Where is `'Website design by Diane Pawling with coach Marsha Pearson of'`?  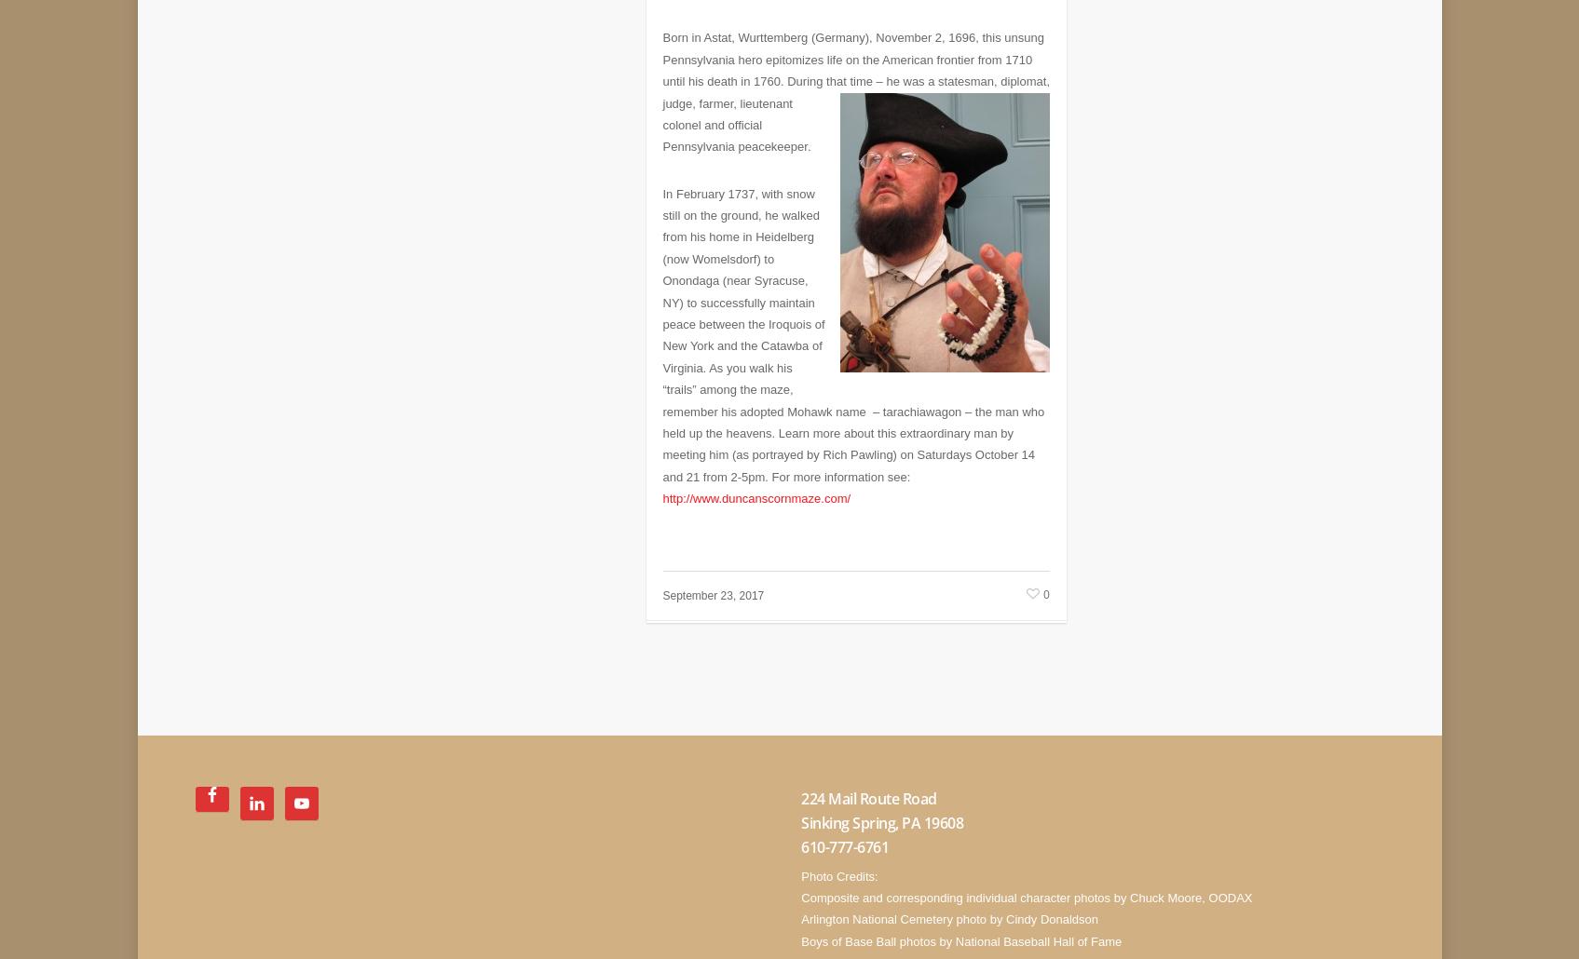
'Website design by Diane Pawling with coach Marsha Pearson of' is located at coordinates (975, 949).